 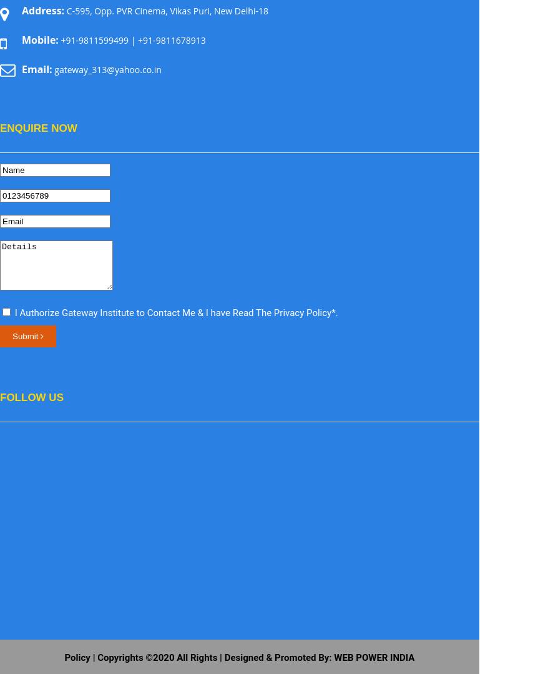 What do you see at coordinates (0, 397) in the screenshot?
I see `'Follow Us'` at bounding box center [0, 397].